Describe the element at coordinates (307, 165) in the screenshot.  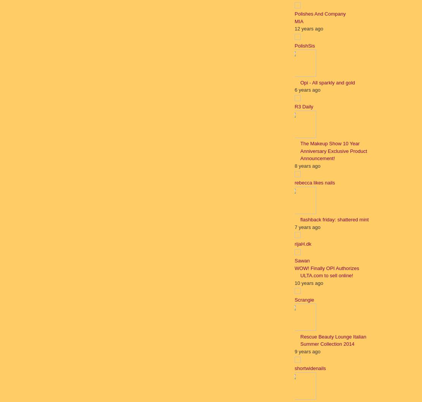
I see `'8 years ago'` at that location.